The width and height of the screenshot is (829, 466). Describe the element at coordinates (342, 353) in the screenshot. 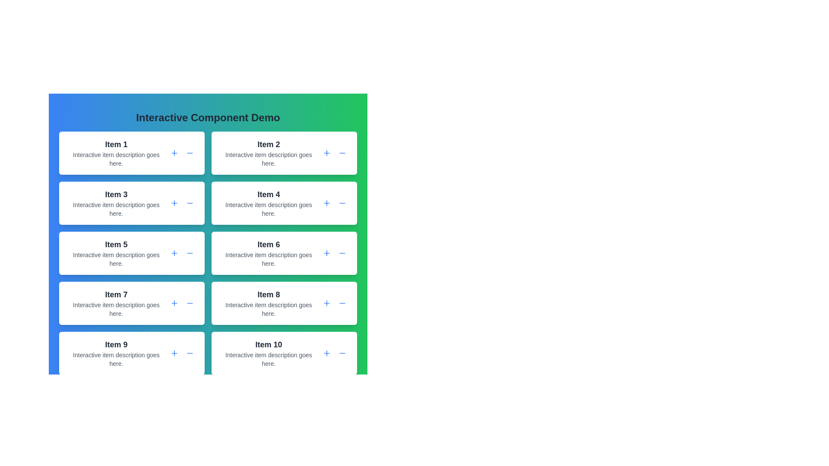

I see `on the minus icon located in the last item card labeled 'Item 10'` at that location.